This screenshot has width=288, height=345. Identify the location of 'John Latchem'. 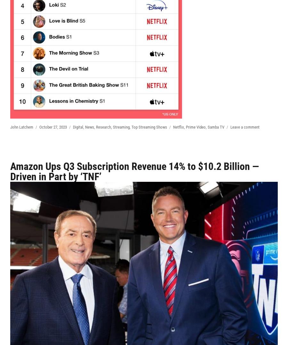
(10, 127).